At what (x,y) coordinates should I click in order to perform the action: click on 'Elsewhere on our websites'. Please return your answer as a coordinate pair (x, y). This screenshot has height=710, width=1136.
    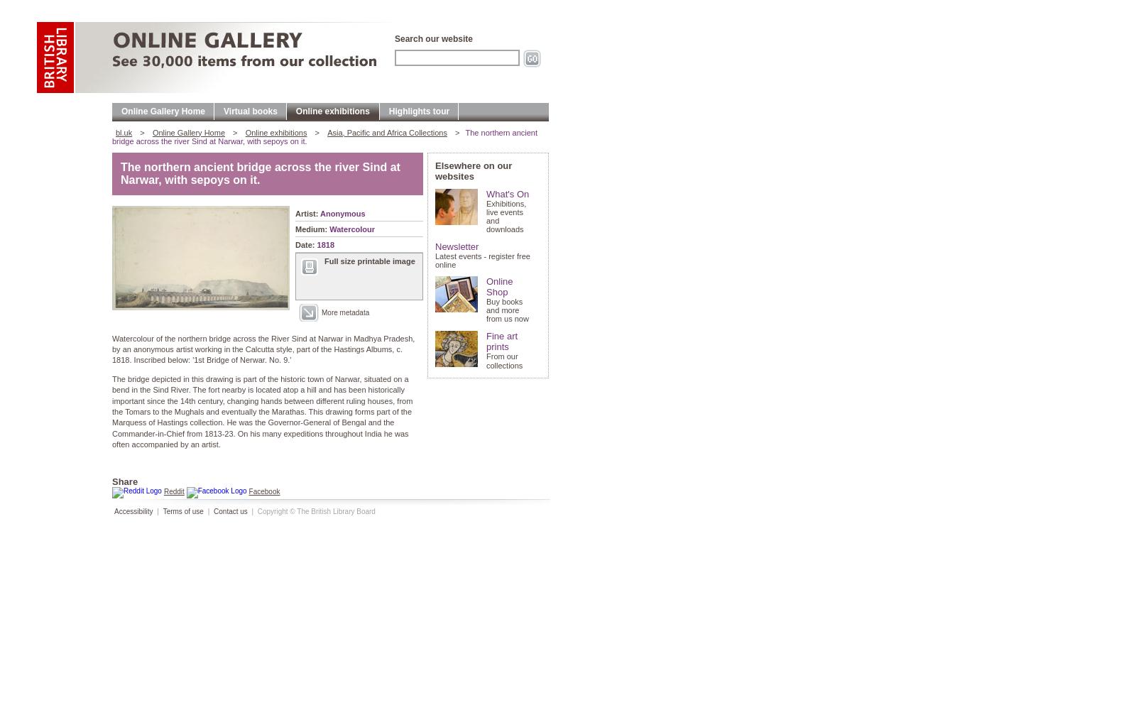
    Looking at the image, I should click on (474, 170).